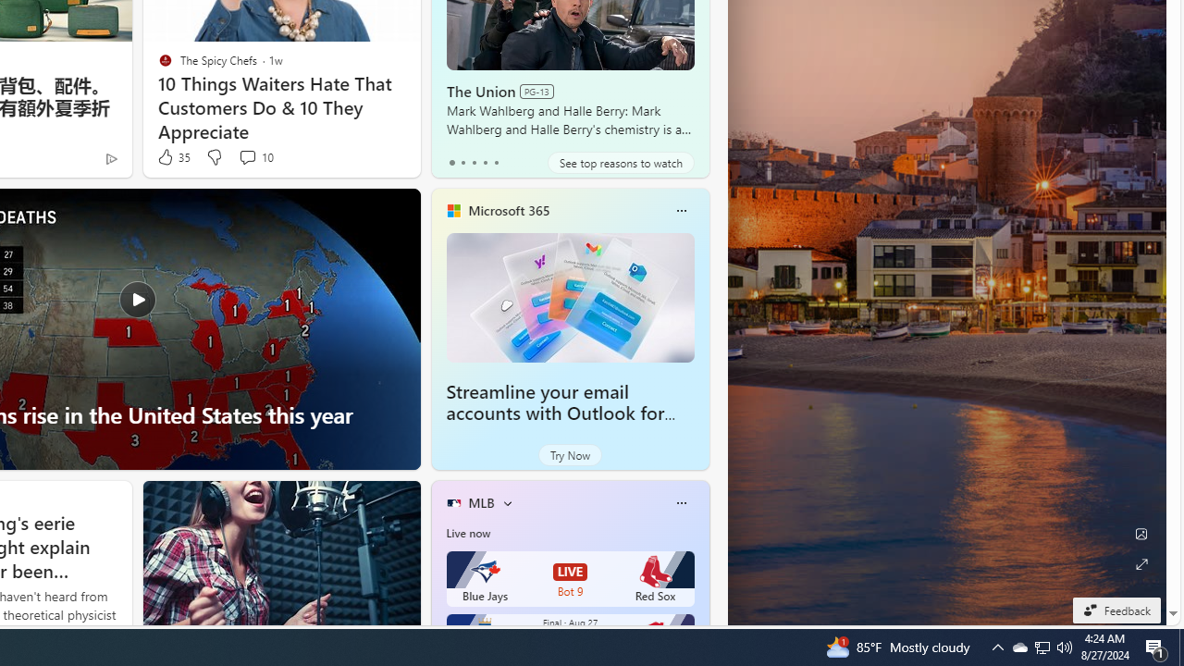  I want to click on 'View comments 10 Comment', so click(246, 155).